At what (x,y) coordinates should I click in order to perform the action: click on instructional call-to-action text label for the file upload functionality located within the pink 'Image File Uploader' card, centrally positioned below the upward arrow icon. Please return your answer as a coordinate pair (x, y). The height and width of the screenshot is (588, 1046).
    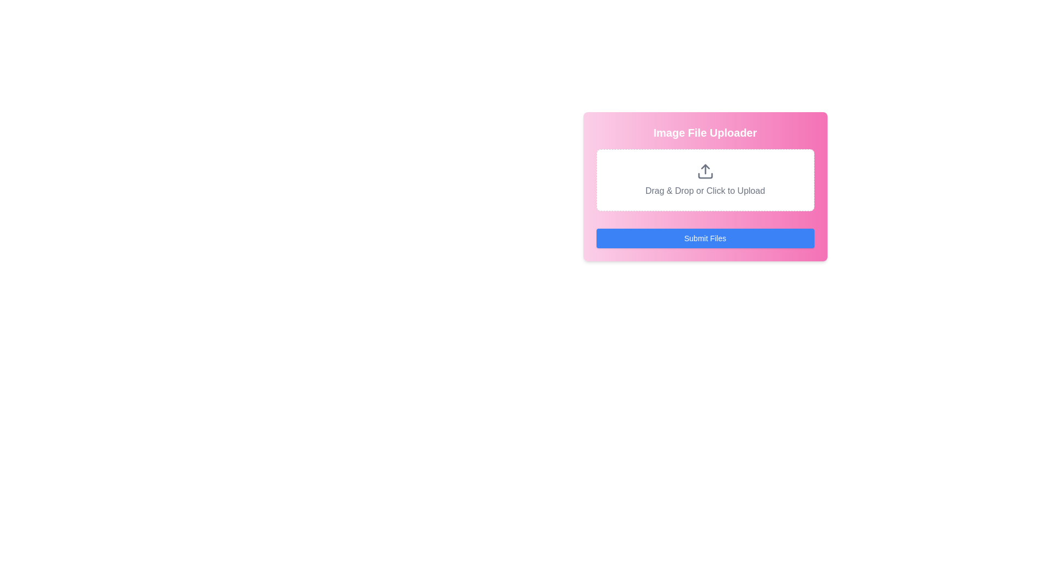
    Looking at the image, I should click on (705, 191).